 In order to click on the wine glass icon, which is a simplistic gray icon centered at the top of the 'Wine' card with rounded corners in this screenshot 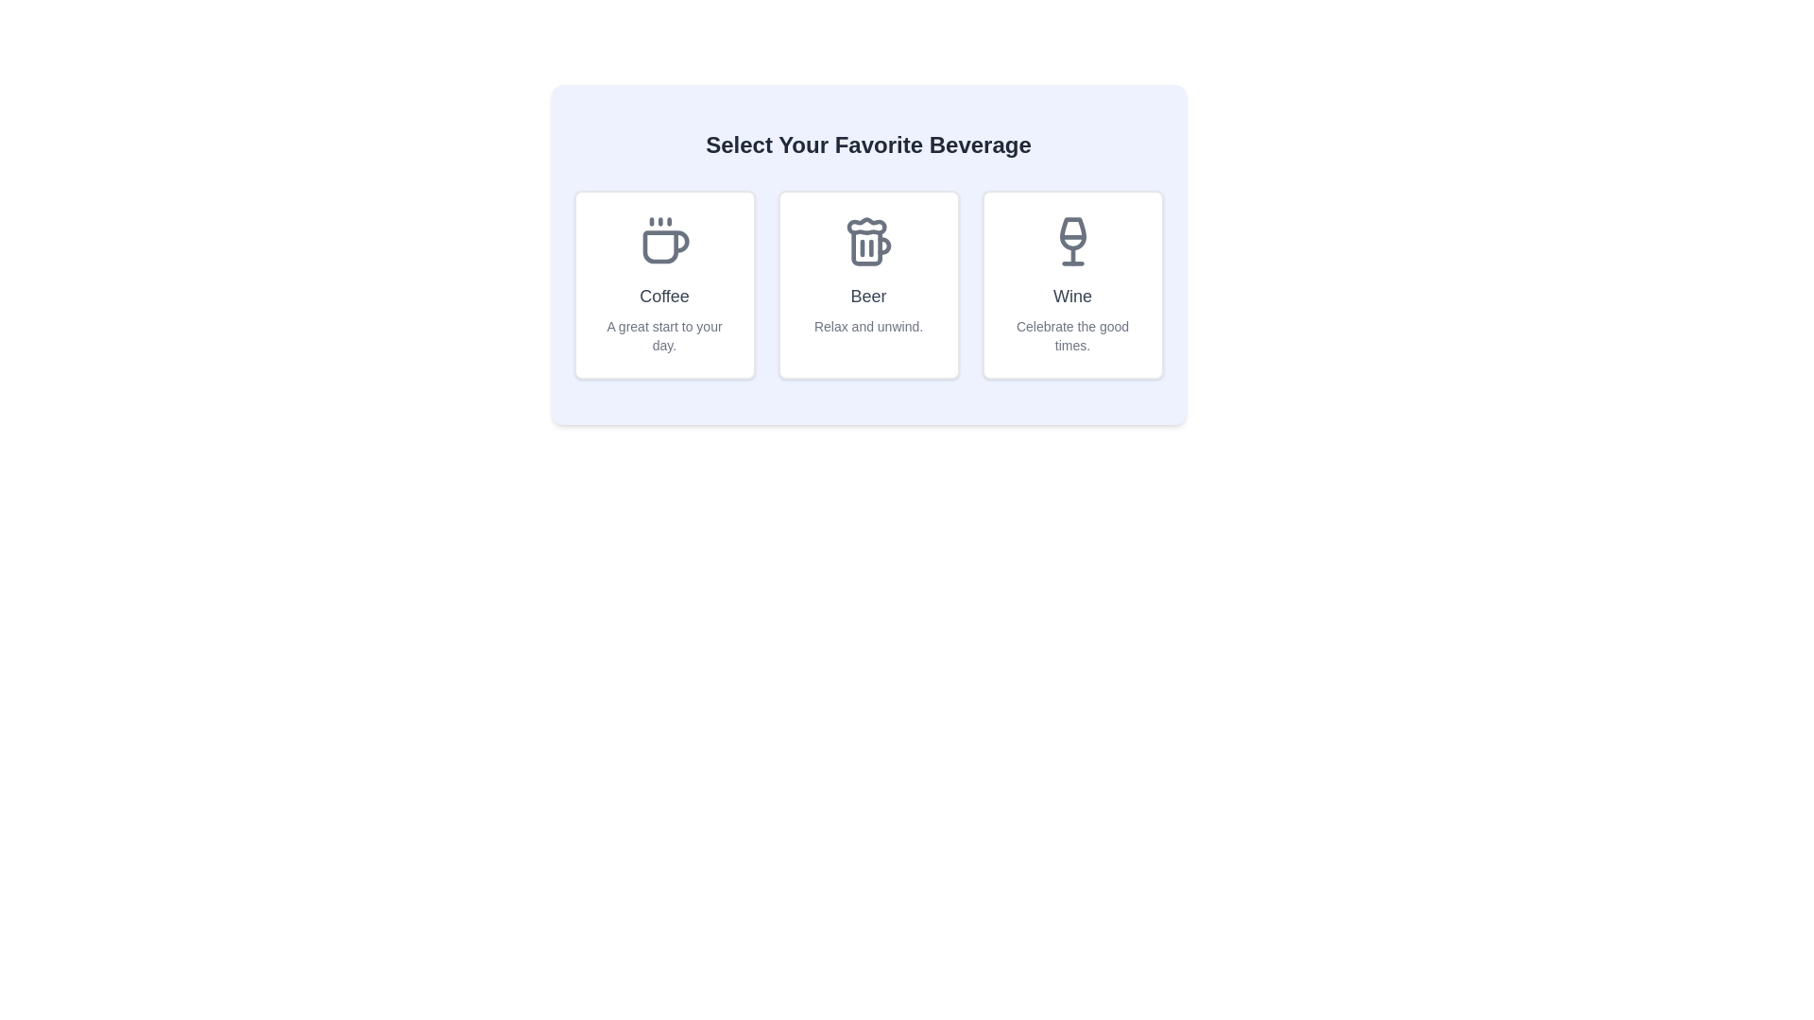, I will do `click(1072, 240)`.